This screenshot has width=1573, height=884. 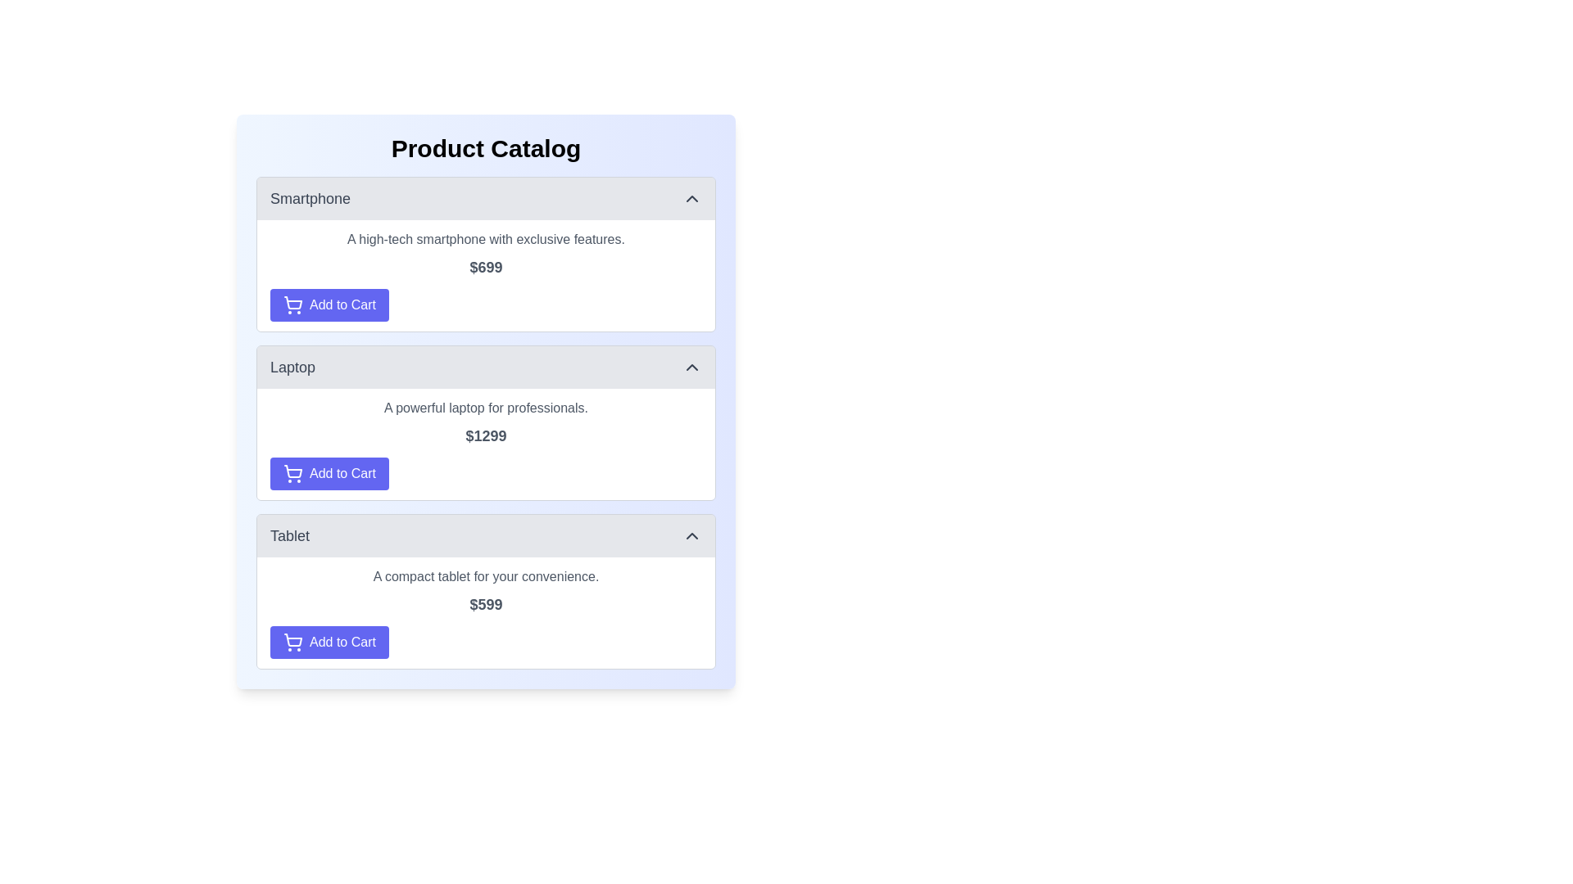 What do you see at coordinates (329, 473) in the screenshot?
I see `the 'Add to Cart' button located at the bottom of the laptop product section` at bounding box center [329, 473].